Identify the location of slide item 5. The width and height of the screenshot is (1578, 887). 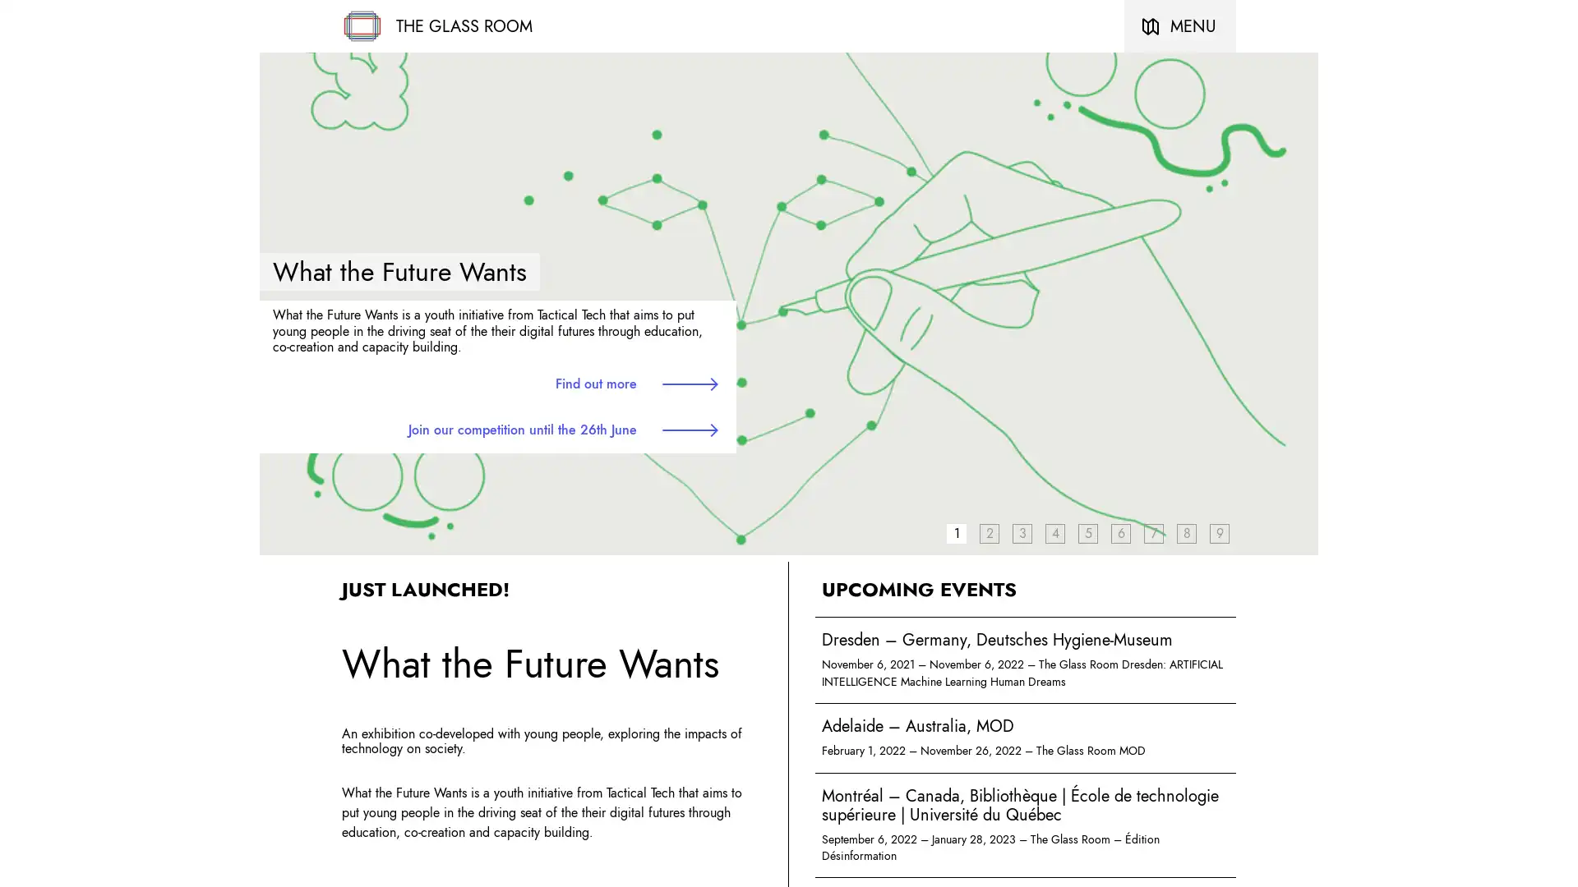
(1088, 532).